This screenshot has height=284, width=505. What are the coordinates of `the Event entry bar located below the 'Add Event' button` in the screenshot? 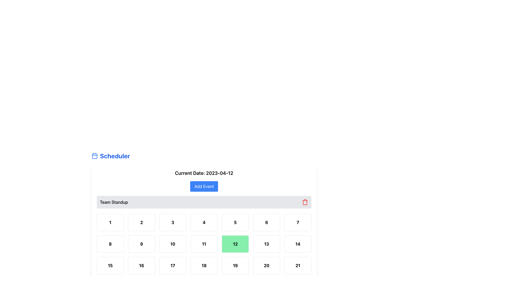 It's located at (204, 202).